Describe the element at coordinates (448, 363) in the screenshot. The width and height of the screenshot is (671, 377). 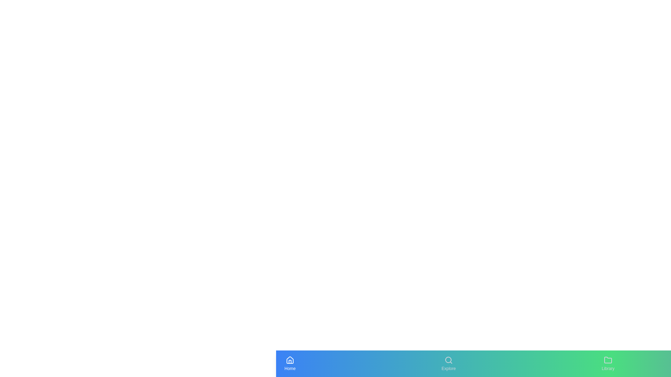
I see `the tab labeled Explore to view its hover animation` at that location.